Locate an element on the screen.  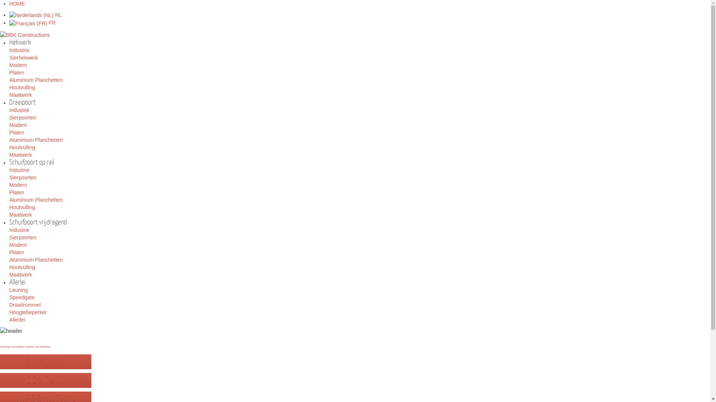
'Platen' is located at coordinates (16, 132).